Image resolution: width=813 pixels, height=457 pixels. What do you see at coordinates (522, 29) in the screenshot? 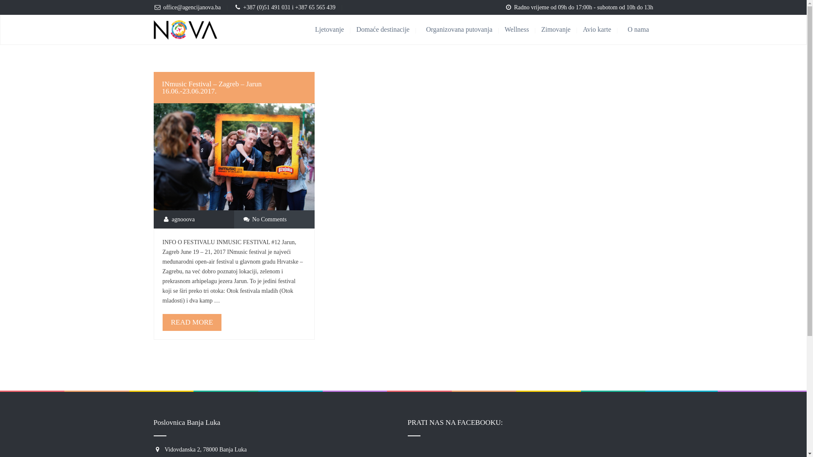
I see `'Wellness'` at bounding box center [522, 29].